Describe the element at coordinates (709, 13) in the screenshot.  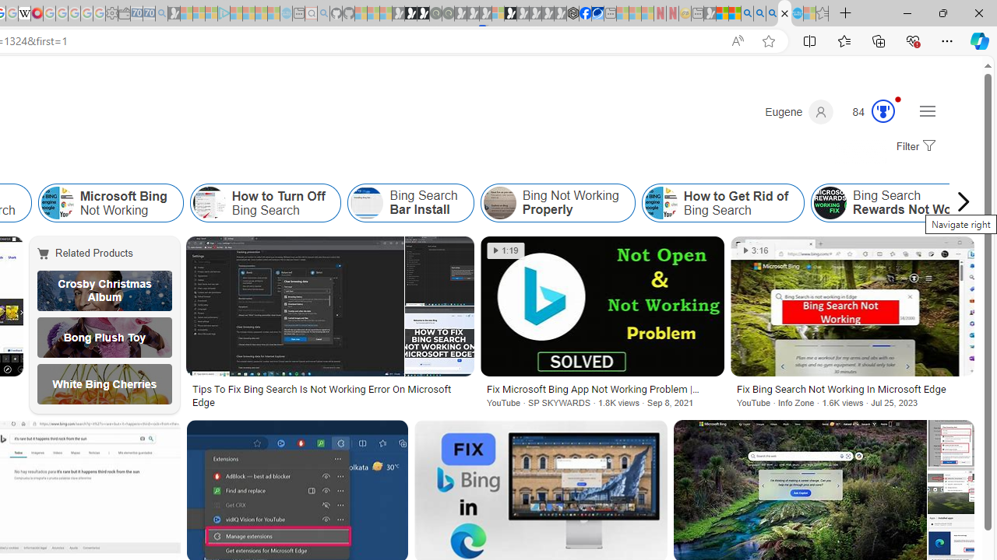
I see `'MSN - Sleeping'` at that location.